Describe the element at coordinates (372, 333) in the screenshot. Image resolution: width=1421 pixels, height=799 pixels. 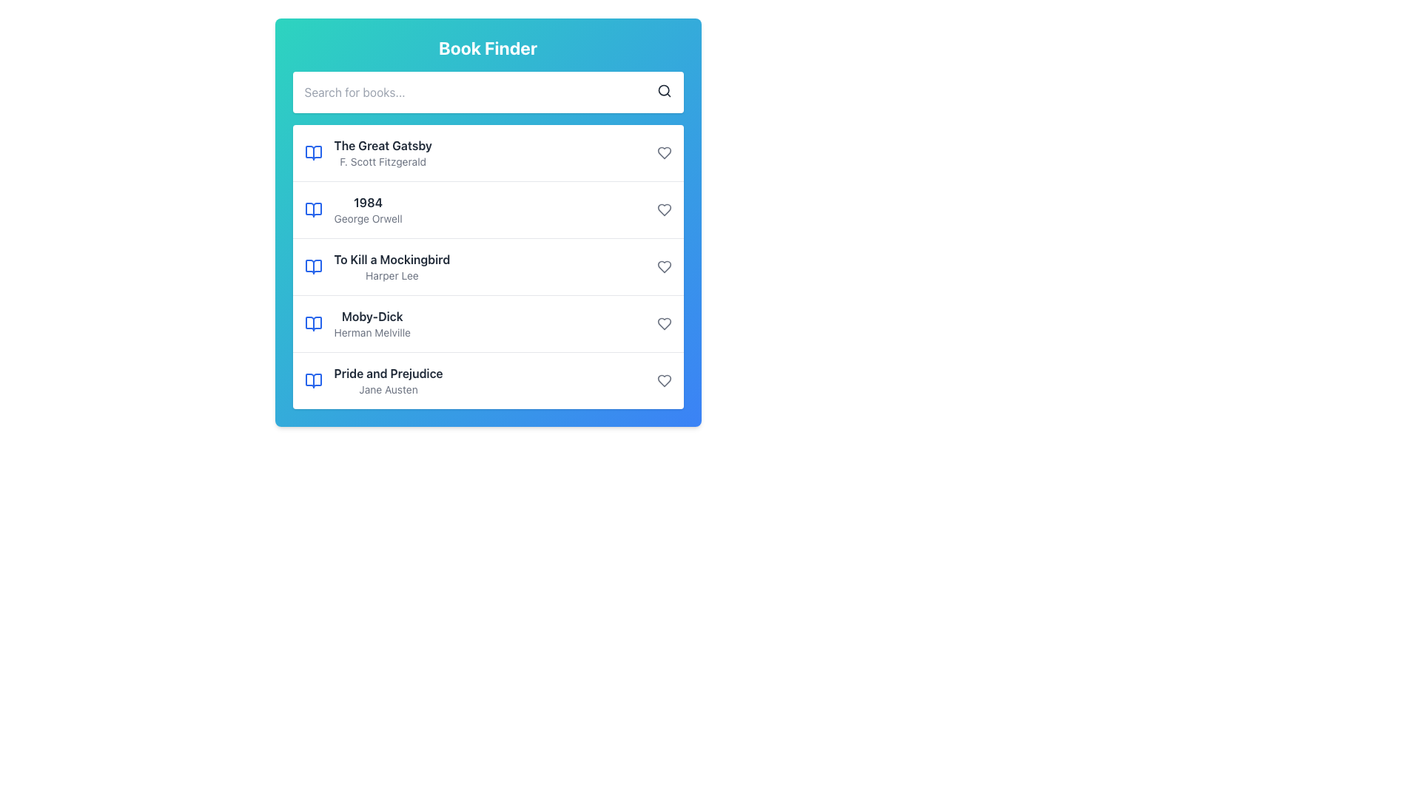
I see `the text label indicating the author of the book 'Moby-Dick', which is positioned below the book title in the list item` at that location.